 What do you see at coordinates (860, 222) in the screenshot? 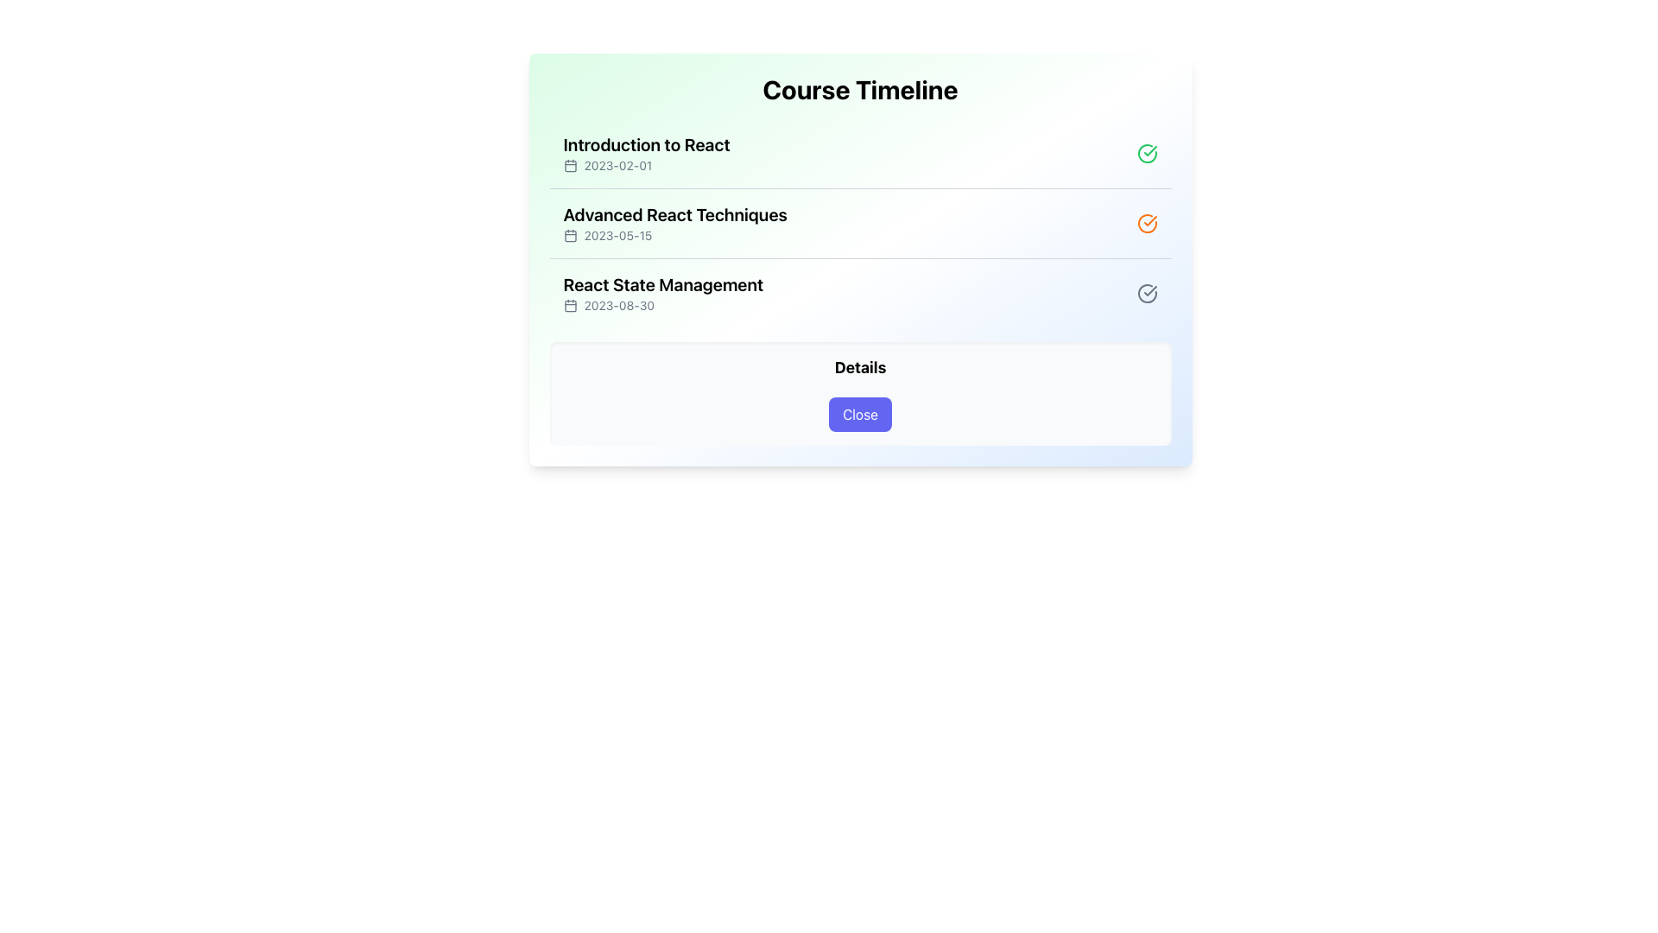
I see `the second list item representing the course entry titled 'Advanced React Techniques' in the 'Course Timeline' section` at bounding box center [860, 222].